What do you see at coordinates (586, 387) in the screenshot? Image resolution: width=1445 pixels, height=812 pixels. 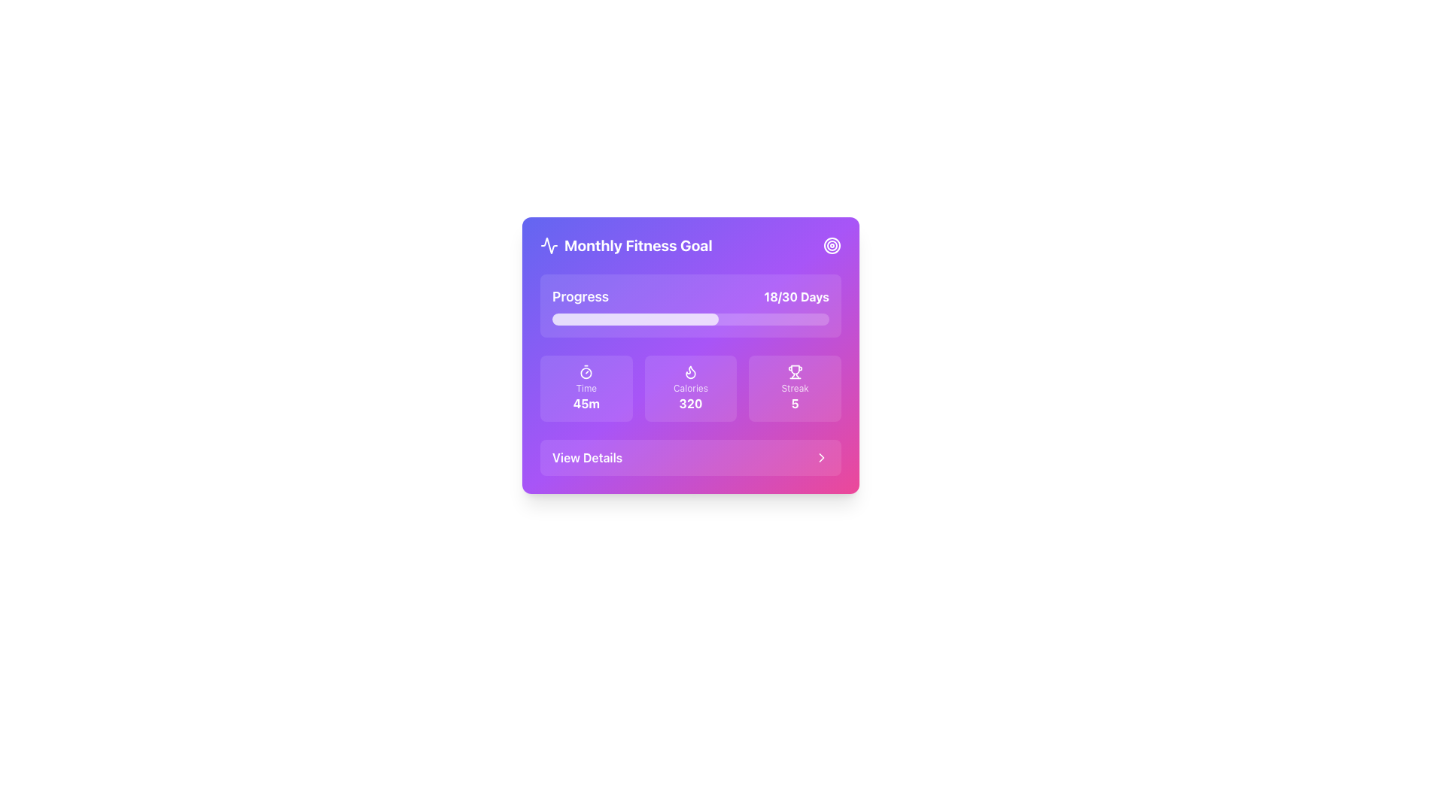 I see `the informational card with a light purple background that contains a clock icon, the label 'Time', and the bold text '45m', located in the first column of the Monthly Fitness Goal section` at bounding box center [586, 387].